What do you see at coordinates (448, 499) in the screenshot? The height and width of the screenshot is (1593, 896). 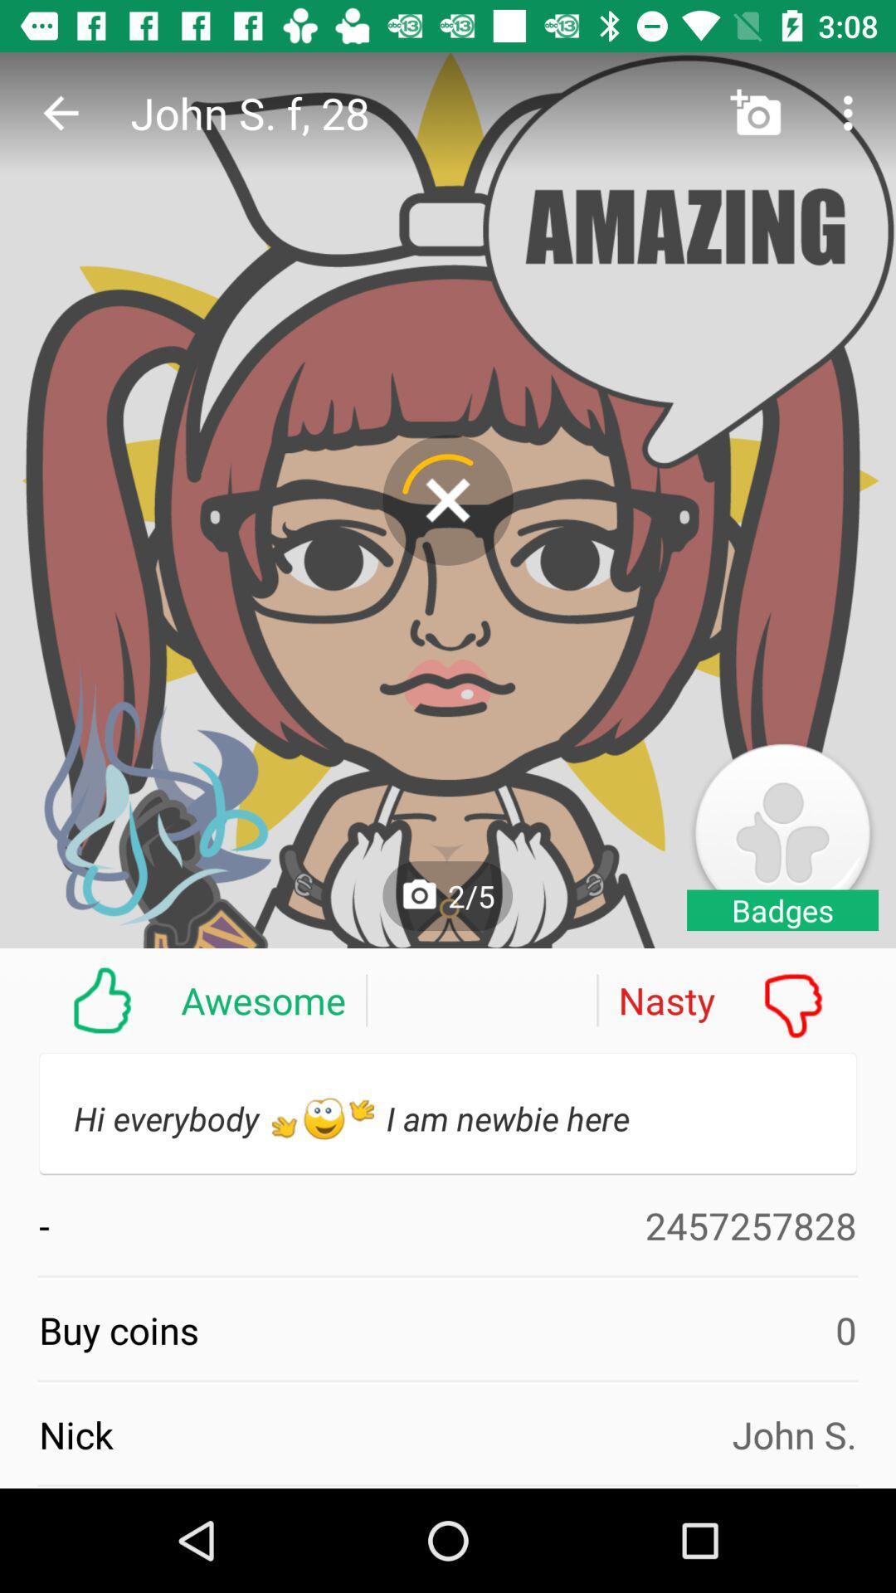 I see `the close icon` at bounding box center [448, 499].